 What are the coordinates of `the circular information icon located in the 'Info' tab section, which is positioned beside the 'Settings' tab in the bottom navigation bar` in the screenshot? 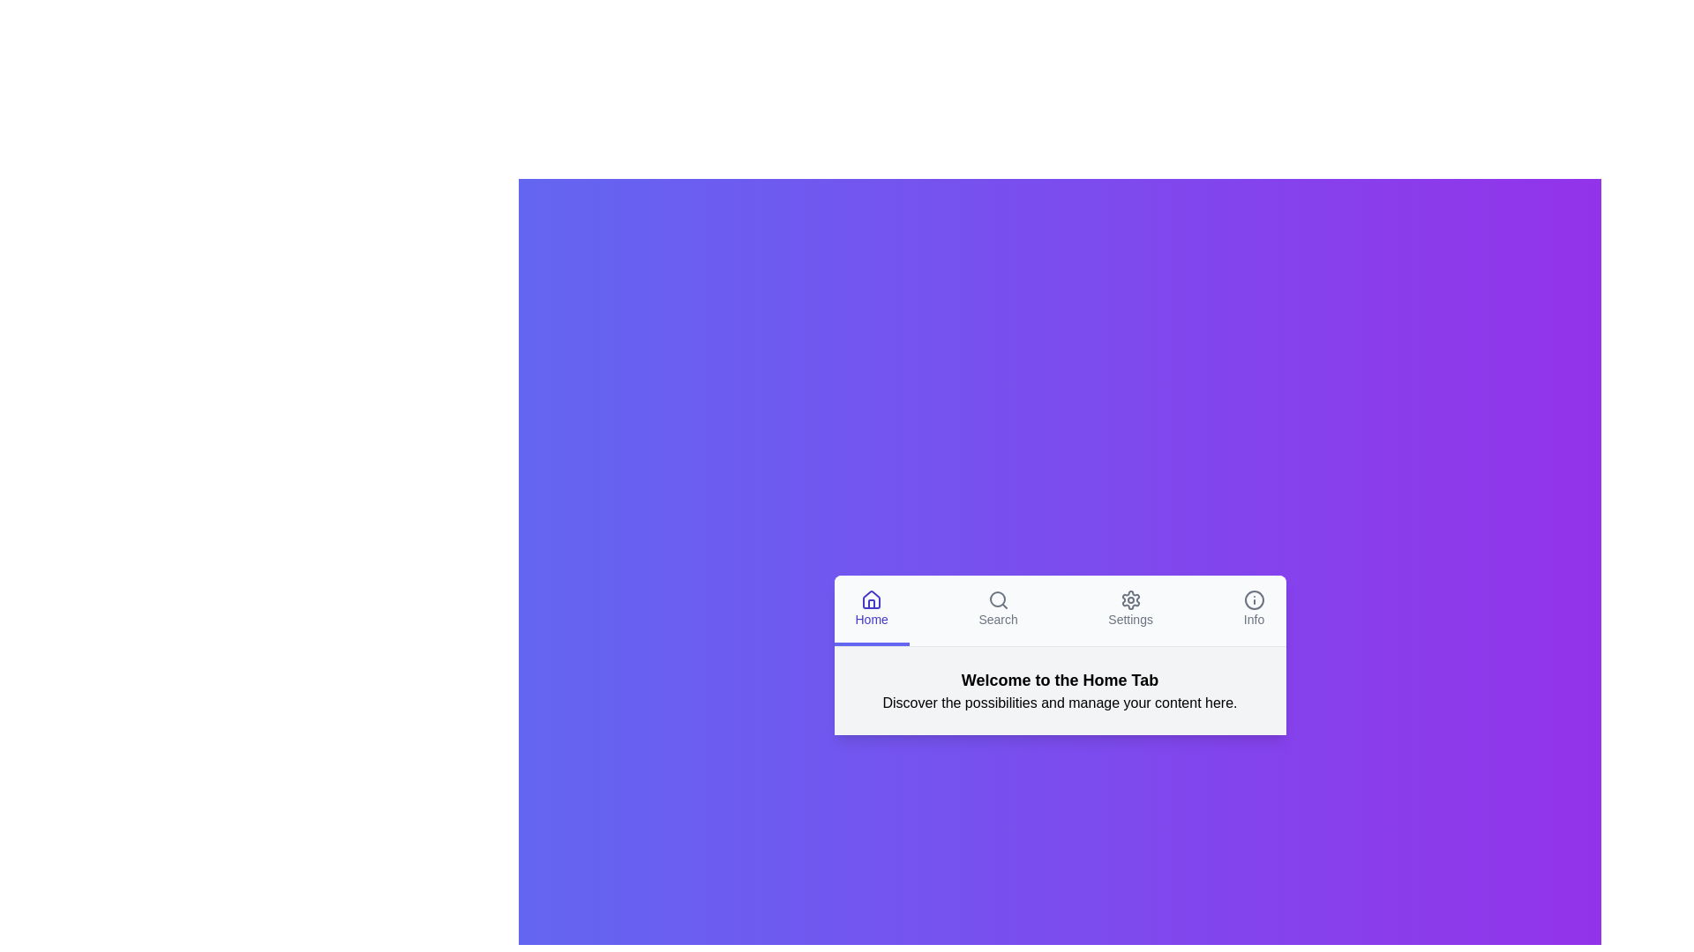 It's located at (1253, 599).